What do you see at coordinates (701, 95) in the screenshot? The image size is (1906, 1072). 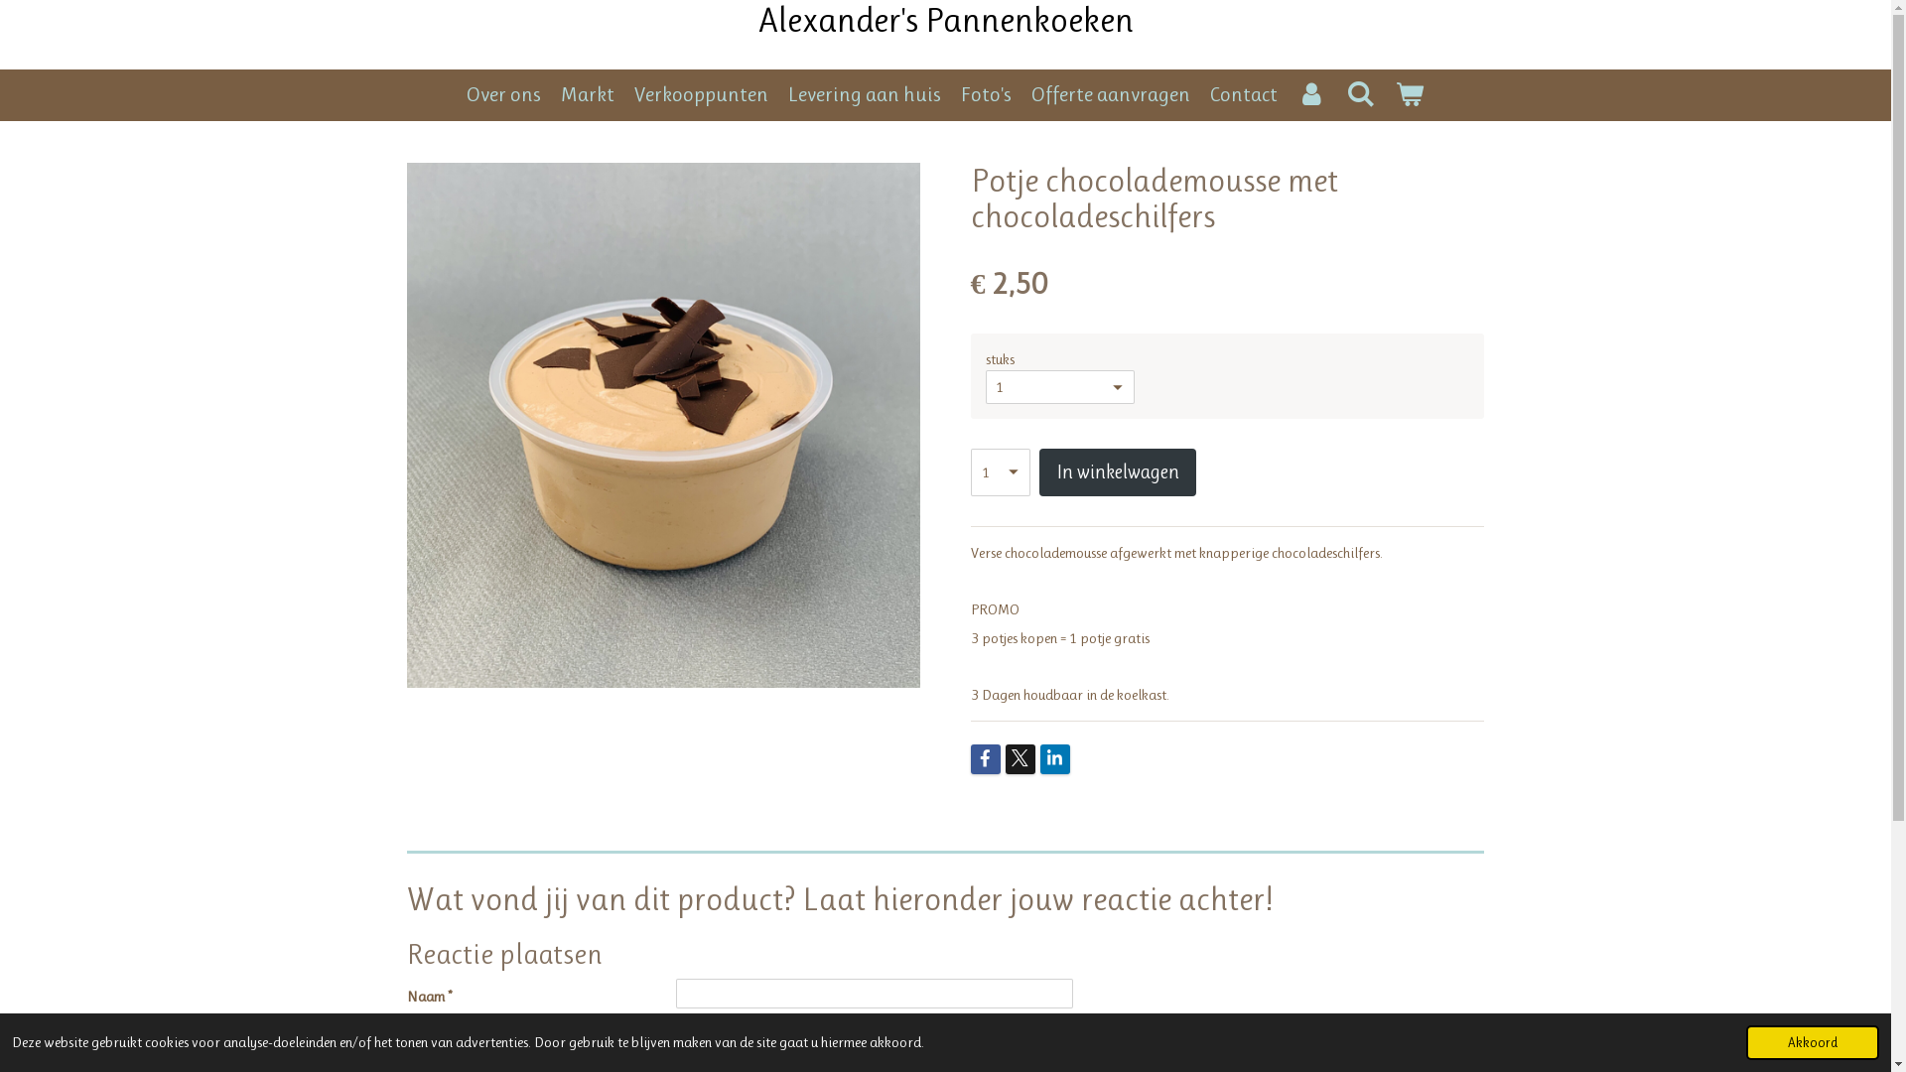 I see `'Verkooppunten'` at bounding box center [701, 95].